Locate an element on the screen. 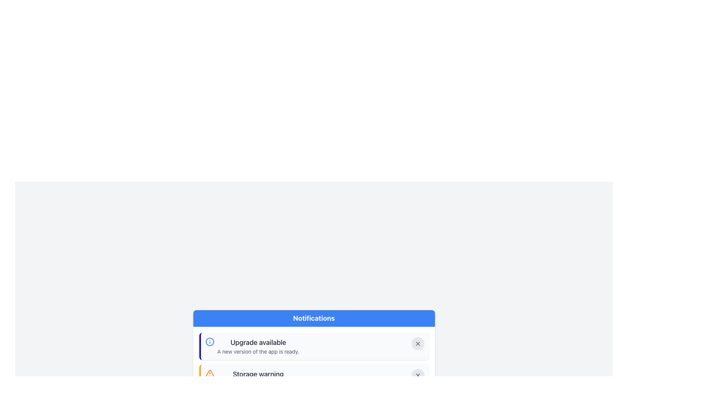 The image size is (725, 408). information displayed in the Text Block with the heading 'Storage warning' and the message 'Your device storage is almost full.' is located at coordinates (258, 378).